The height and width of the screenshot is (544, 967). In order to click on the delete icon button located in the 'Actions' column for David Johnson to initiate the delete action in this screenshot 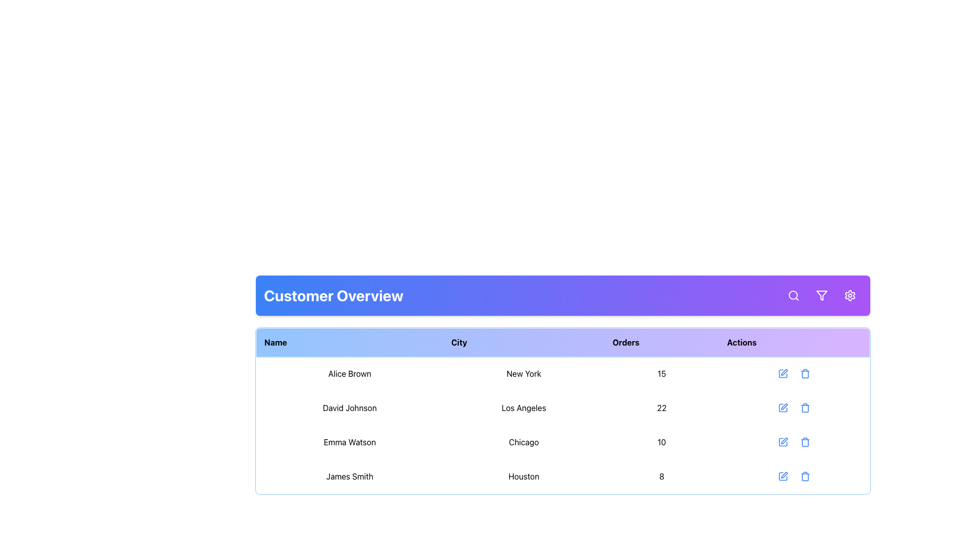, I will do `click(805, 408)`.